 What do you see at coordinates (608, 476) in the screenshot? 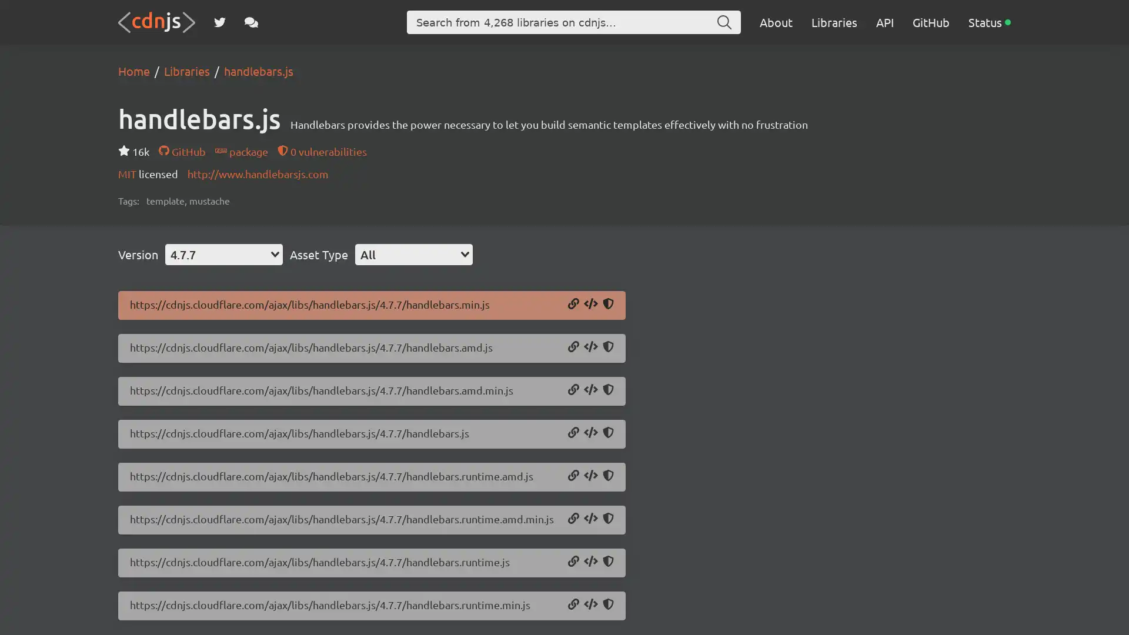
I see `Copy SRI Hash` at bounding box center [608, 476].